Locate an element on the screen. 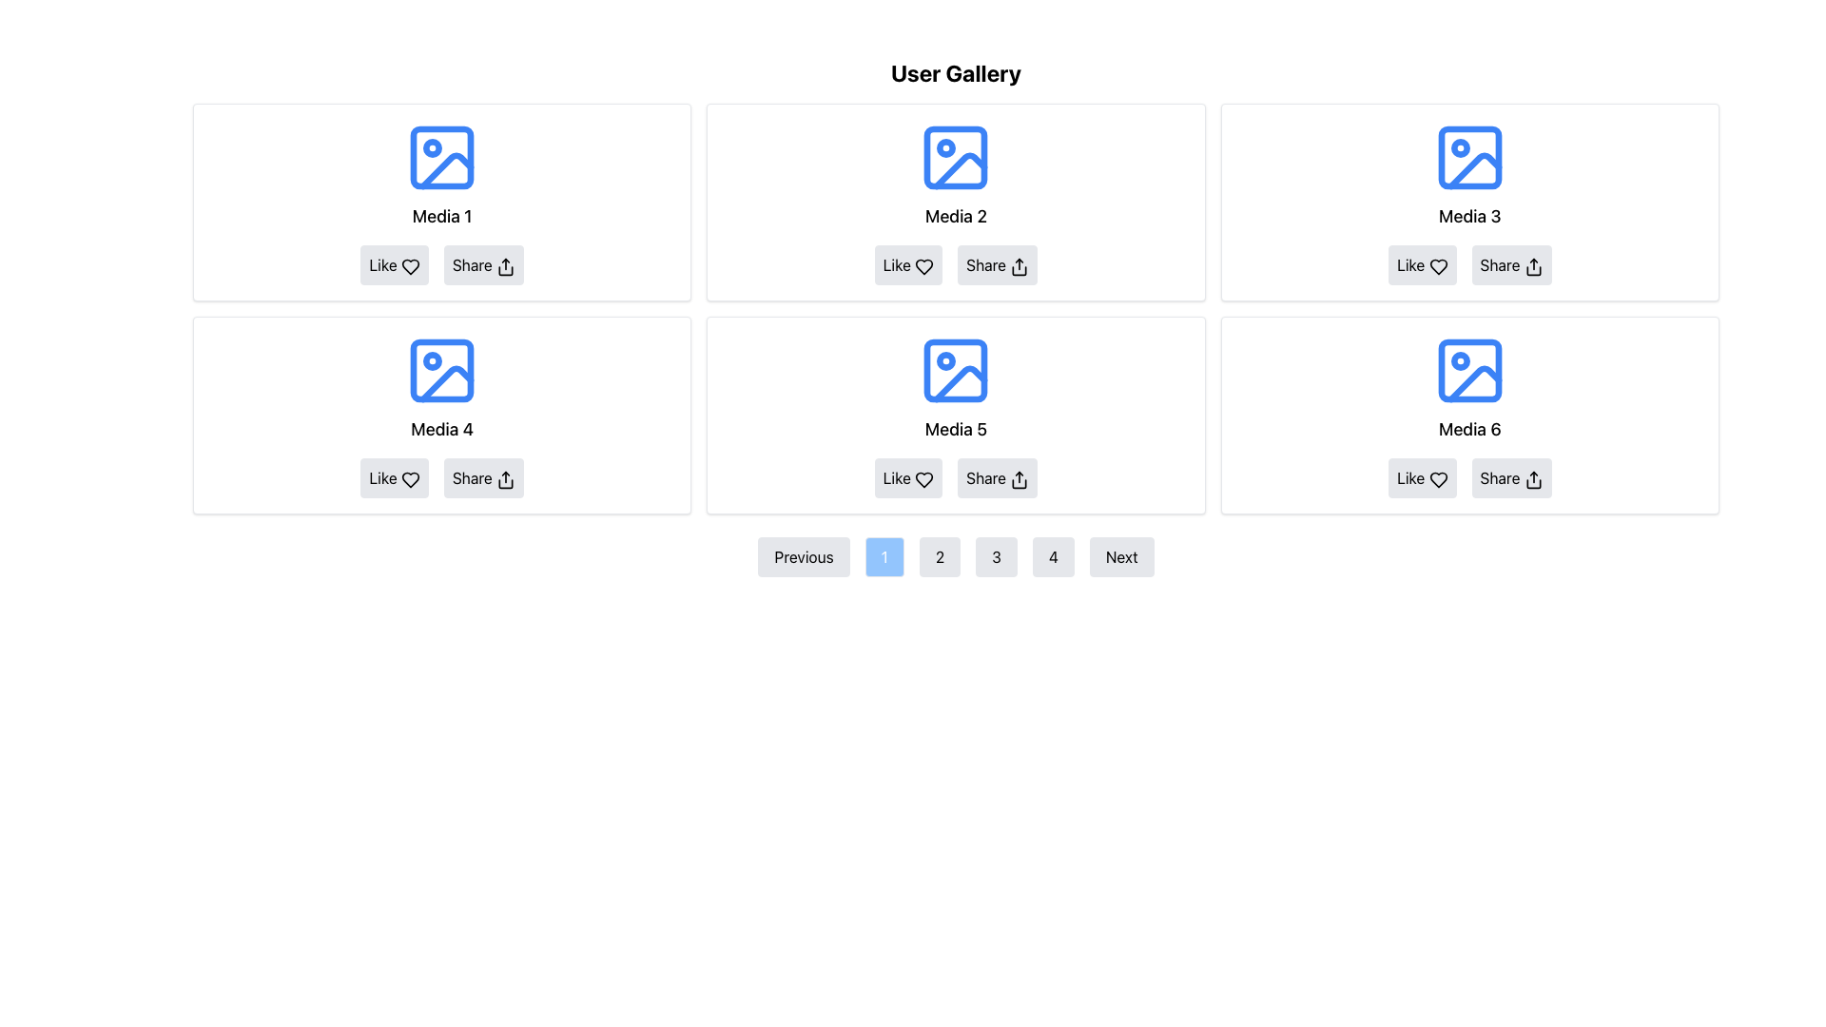  the 'Like' button with a heart icon, located under the 'Media 4' heading, to like the item is located at coordinates (393, 476).